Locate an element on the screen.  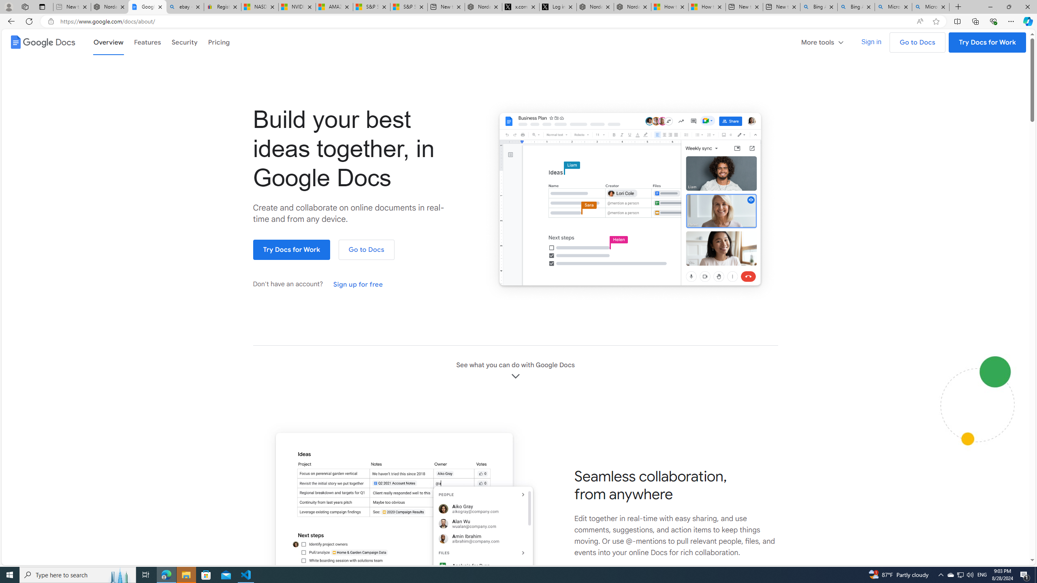
'Google Docs' is located at coordinates (41, 42).